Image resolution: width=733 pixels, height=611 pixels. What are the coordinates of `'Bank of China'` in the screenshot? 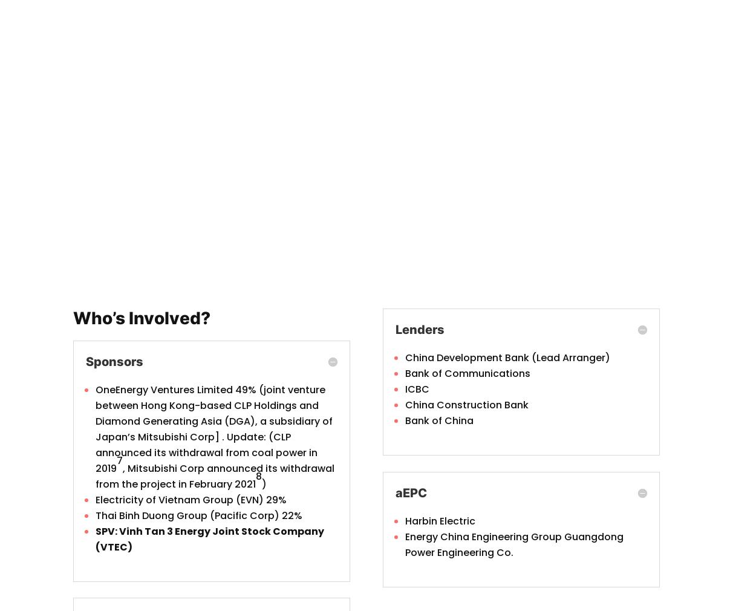 It's located at (438, 420).